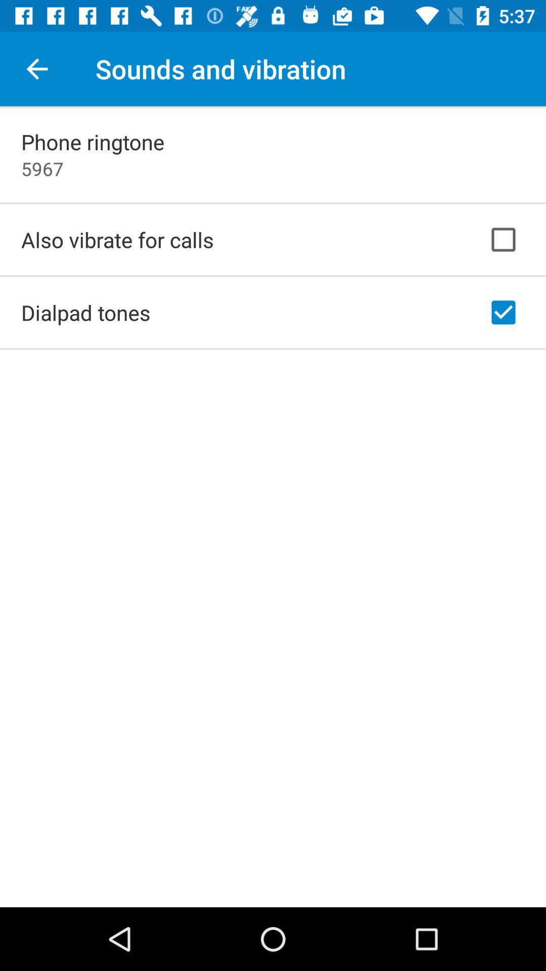 The image size is (546, 971). What do you see at coordinates (36, 68) in the screenshot?
I see `app to the left of sounds and vibration` at bounding box center [36, 68].